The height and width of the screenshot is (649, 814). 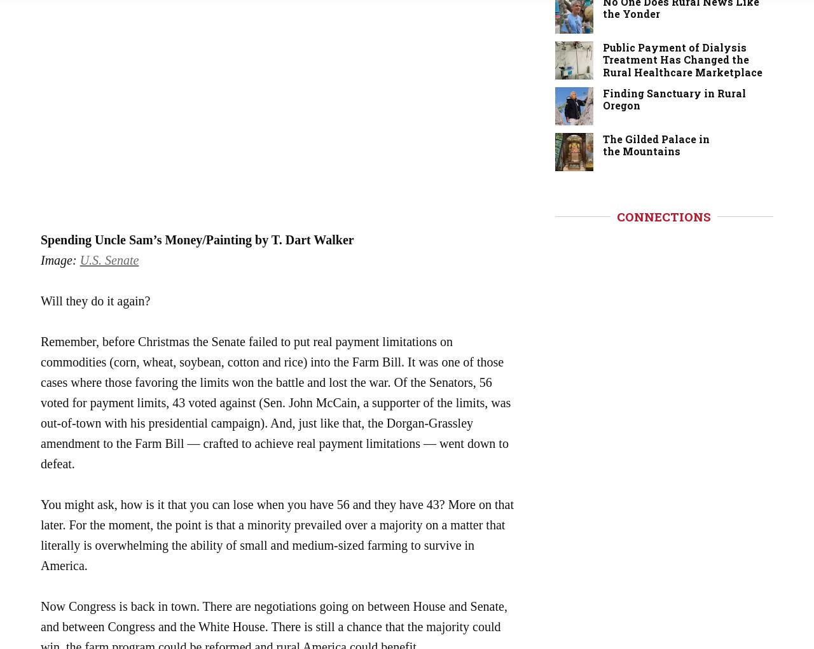 What do you see at coordinates (41, 534) in the screenshot?
I see `'You might ask, how is it that you can lose when you have 56 and they have 43? More on that later. For the moment, the point is that a minority prevailed over a majority on a matter that literally is overwhelming the ability of small and medium-sized farming to survive in America.'` at bounding box center [41, 534].